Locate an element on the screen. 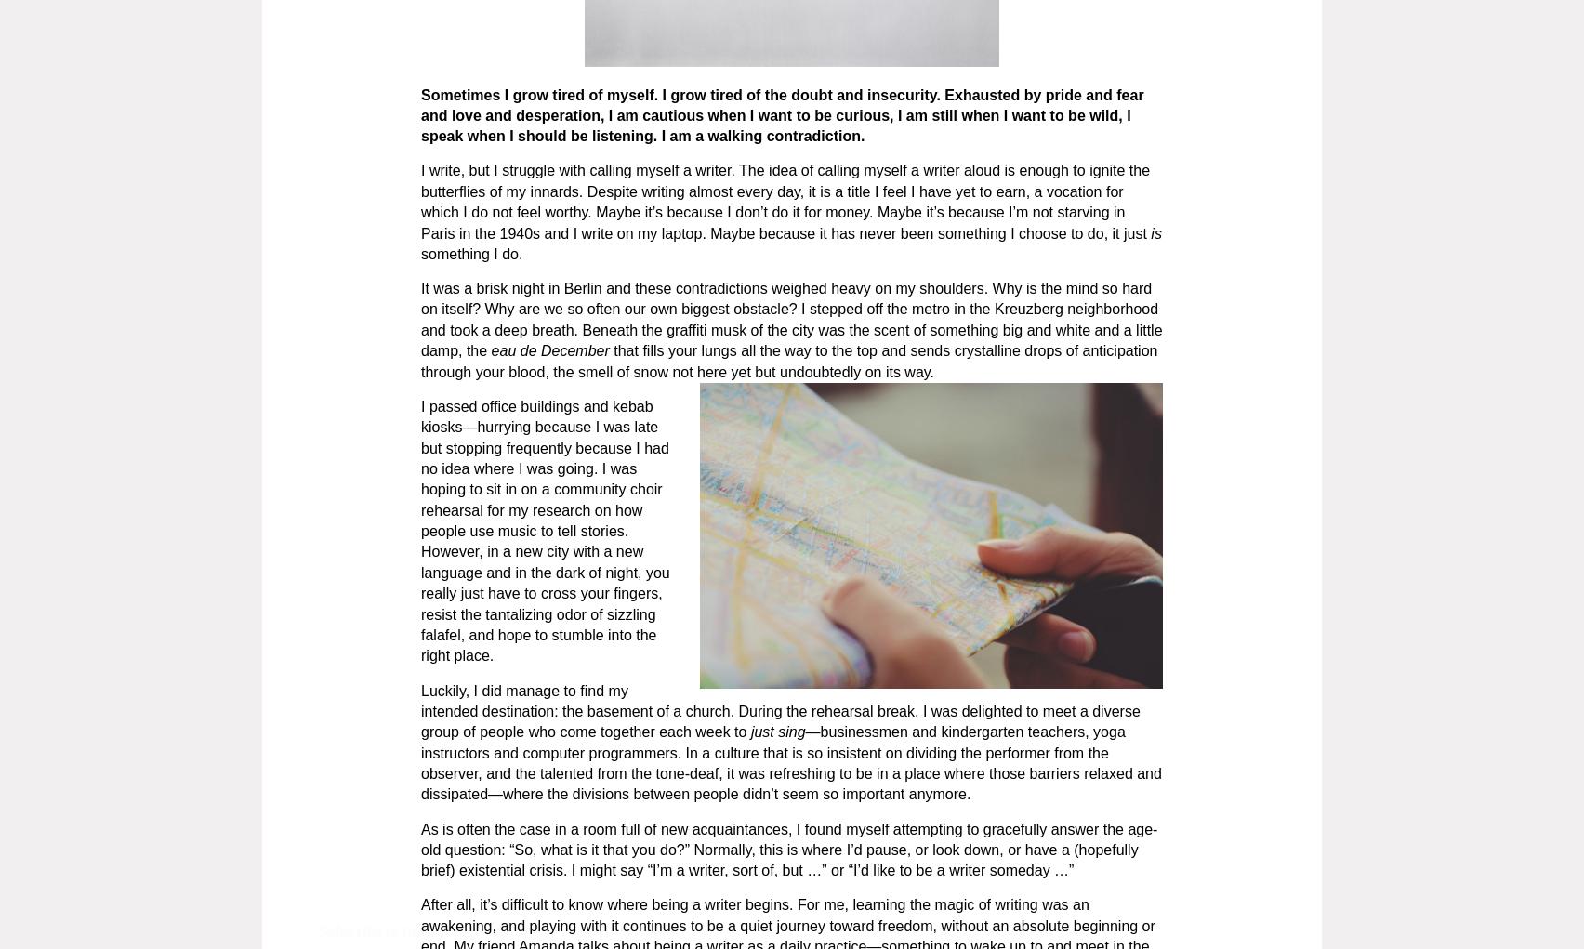  'something I do.' is located at coordinates (420, 252).